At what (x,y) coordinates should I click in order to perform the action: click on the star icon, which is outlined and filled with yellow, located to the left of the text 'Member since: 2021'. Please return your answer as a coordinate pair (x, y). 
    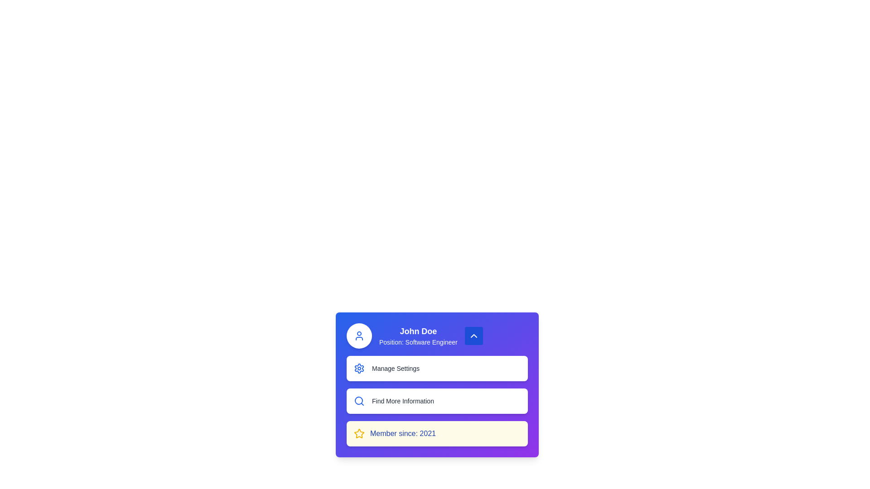
    Looking at the image, I should click on (358, 433).